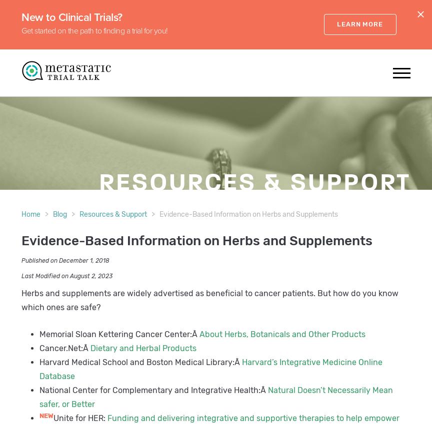 This screenshot has width=432, height=427. I want to click on 'Harvard’s Integrative Medicine Online Database', so click(210, 369).